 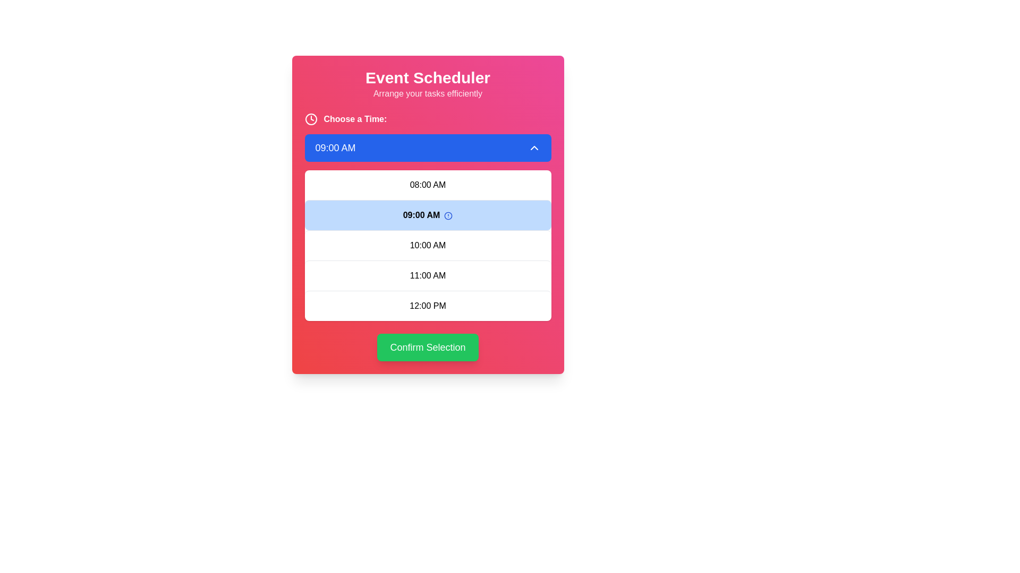 I want to click on the selectable time option '11:00 AM' in the scheduling interface, so click(x=428, y=275).